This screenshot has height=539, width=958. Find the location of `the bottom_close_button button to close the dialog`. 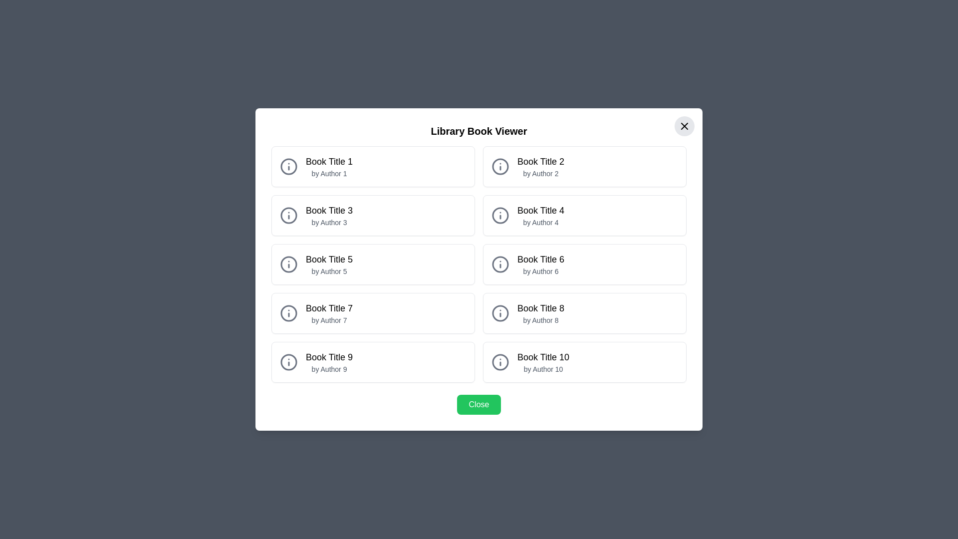

the bottom_close_button button to close the dialog is located at coordinates (479, 404).